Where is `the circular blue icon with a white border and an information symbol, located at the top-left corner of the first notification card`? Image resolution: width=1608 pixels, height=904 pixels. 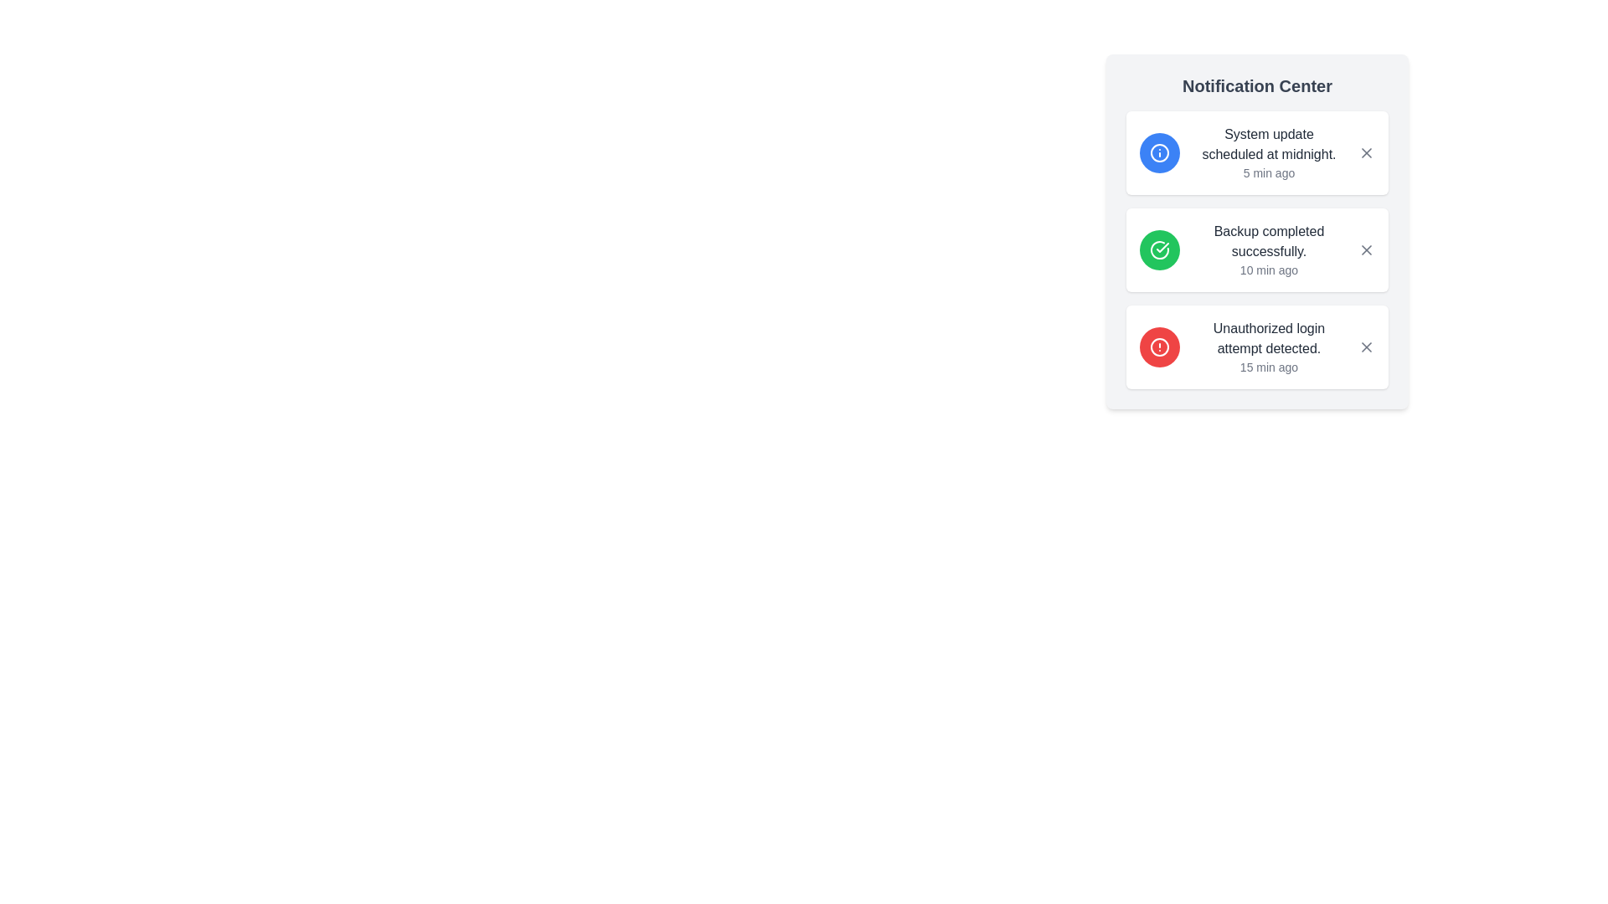 the circular blue icon with a white border and an information symbol, located at the top-left corner of the first notification card is located at coordinates (1159, 152).